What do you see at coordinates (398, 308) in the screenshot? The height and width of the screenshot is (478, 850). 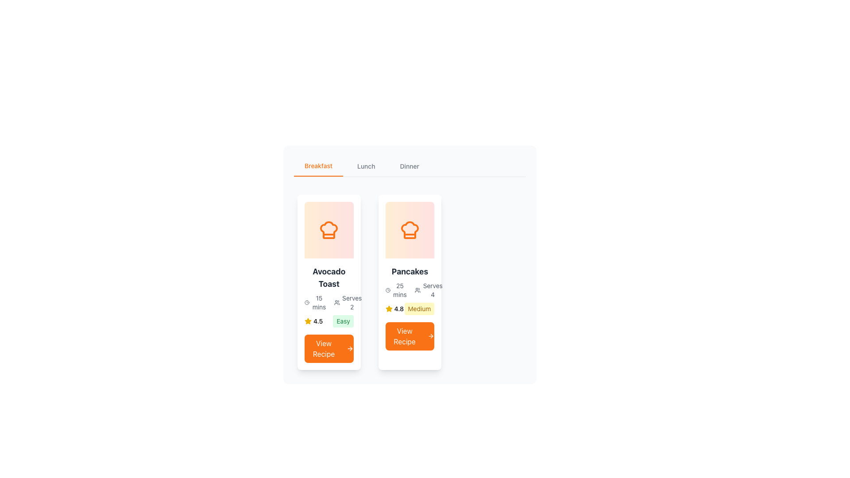 I see `numeric text label '4.8' which is styled with a small font size and medium font weight, located to the right of a yellow star icon in the rating display for the 'Pancakes' recipe card` at bounding box center [398, 308].